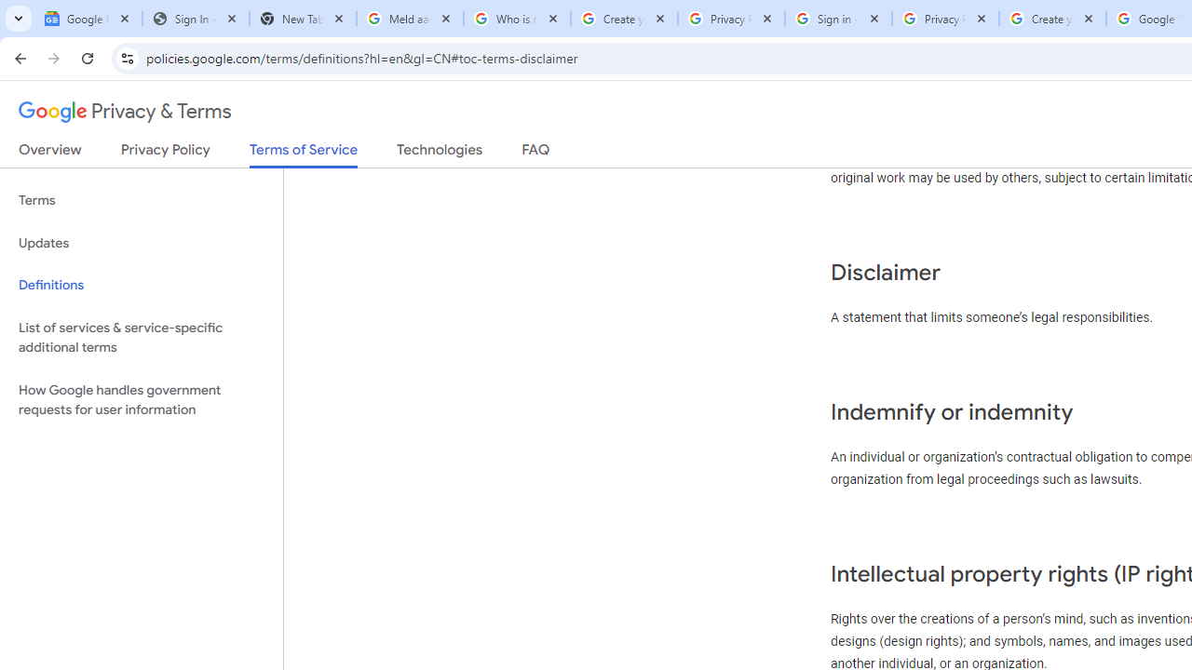  Describe the element at coordinates (165, 153) in the screenshot. I see `'Privacy Policy'` at that location.